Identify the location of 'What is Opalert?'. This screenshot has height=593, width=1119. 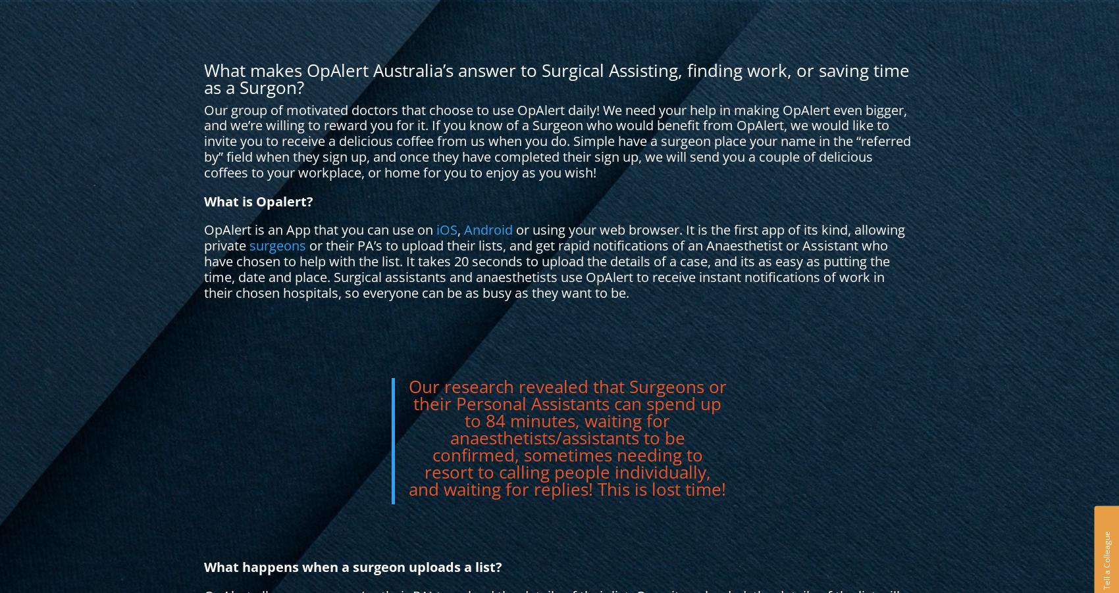
(258, 200).